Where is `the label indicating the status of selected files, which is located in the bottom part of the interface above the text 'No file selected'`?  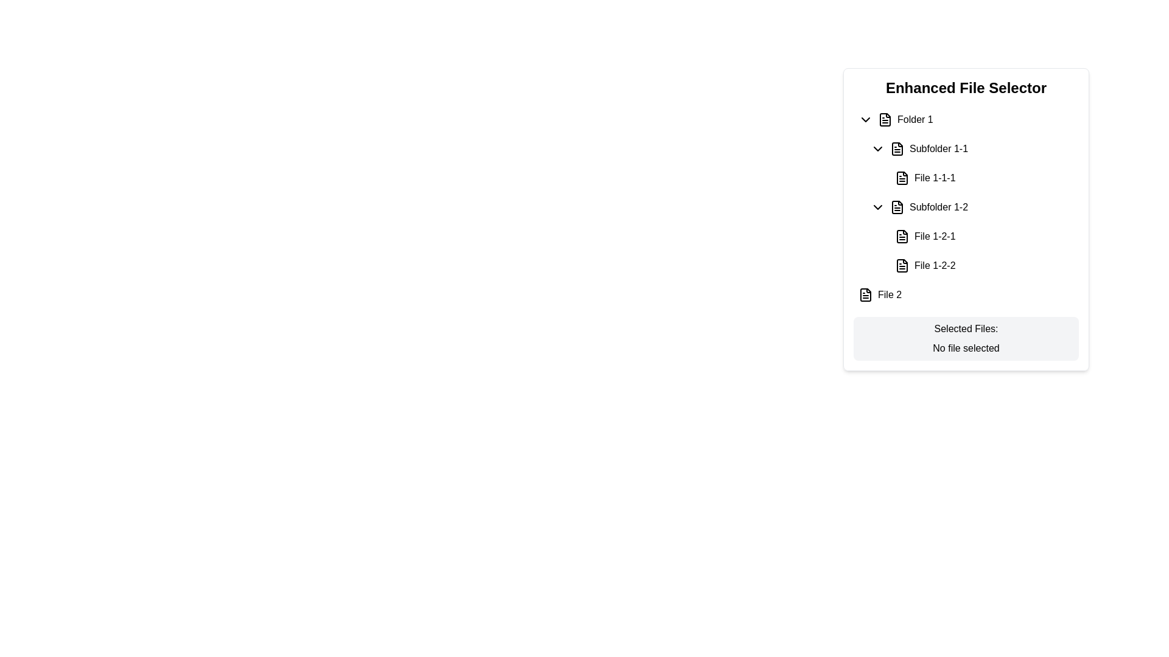 the label indicating the status of selected files, which is located in the bottom part of the interface above the text 'No file selected' is located at coordinates (966, 328).